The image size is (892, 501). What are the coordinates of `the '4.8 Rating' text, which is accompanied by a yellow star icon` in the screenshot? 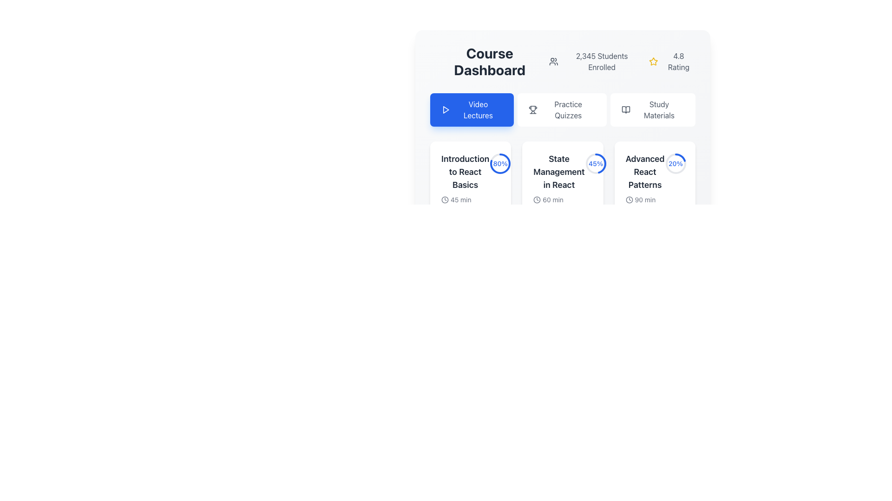 It's located at (672, 61).